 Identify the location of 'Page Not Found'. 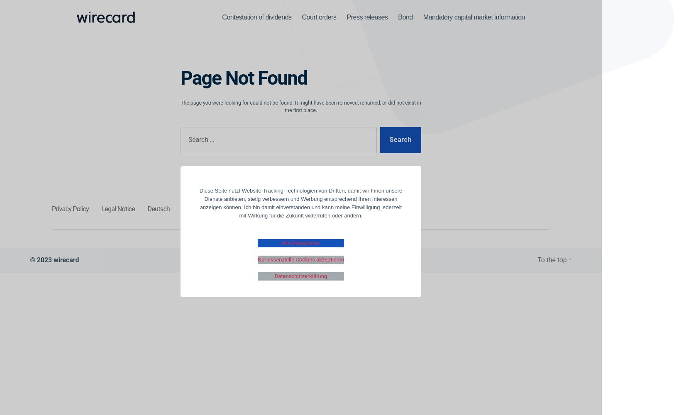
(243, 78).